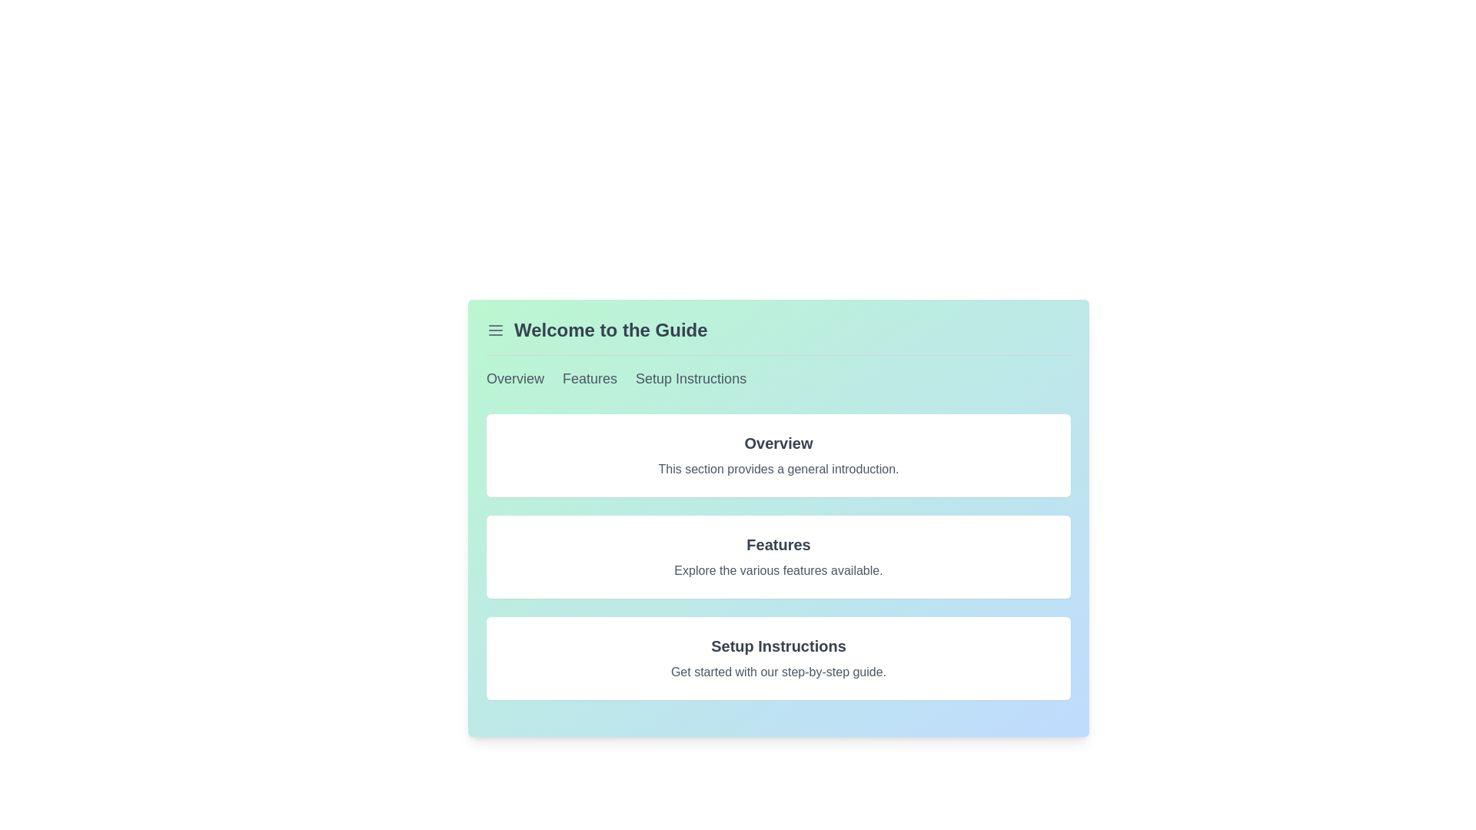  I want to click on the main heading text element that provides a clear and welcoming message to users, located centrally at the top section of the interface, so click(610, 329).